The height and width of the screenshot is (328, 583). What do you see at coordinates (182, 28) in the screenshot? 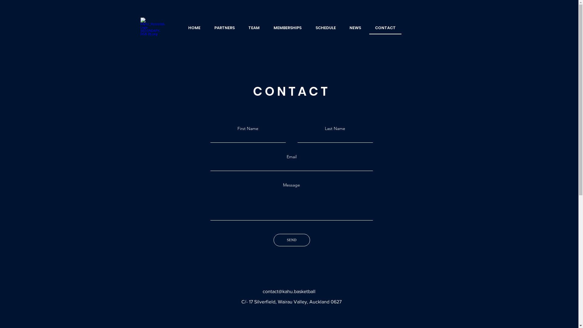
I see `'HOME'` at bounding box center [182, 28].